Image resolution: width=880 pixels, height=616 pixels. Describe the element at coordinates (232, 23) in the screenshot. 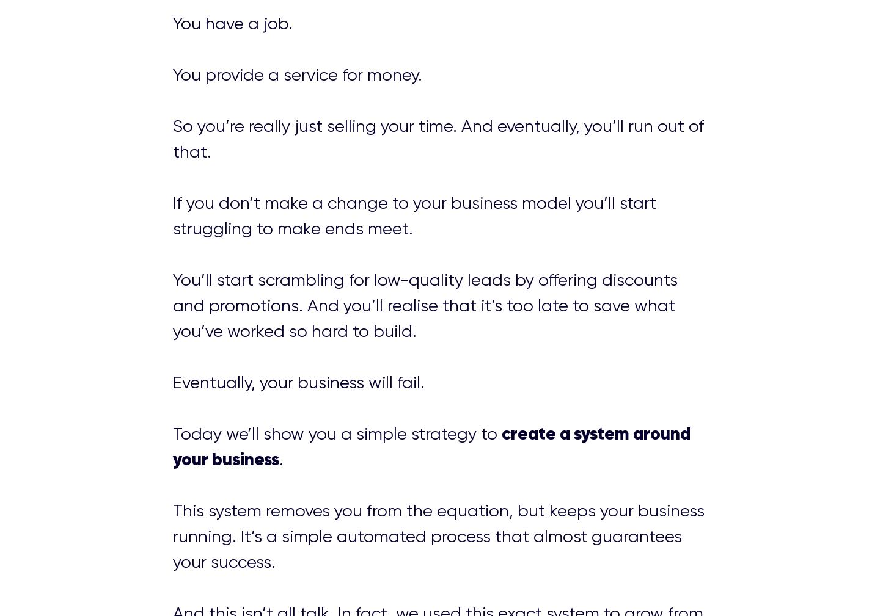

I see `'You have a job.'` at that location.